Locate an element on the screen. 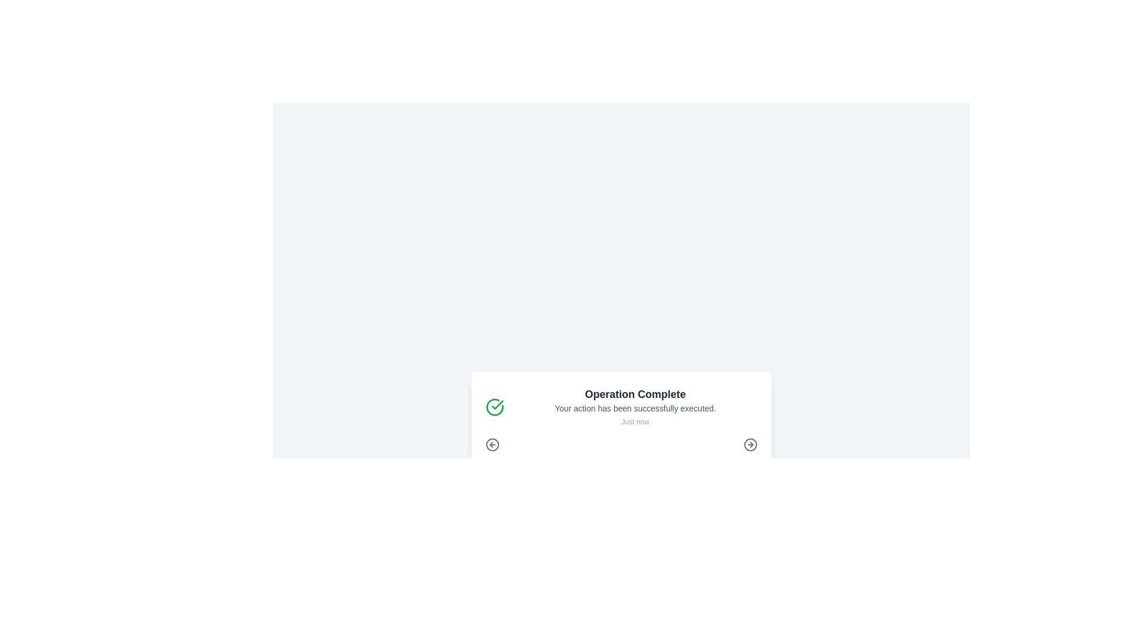  the text label displaying 'Just now', which is positioned at the bottom-right corner of the notification pop-up and aligned to the right of the notification panel is located at coordinates (635, 422).